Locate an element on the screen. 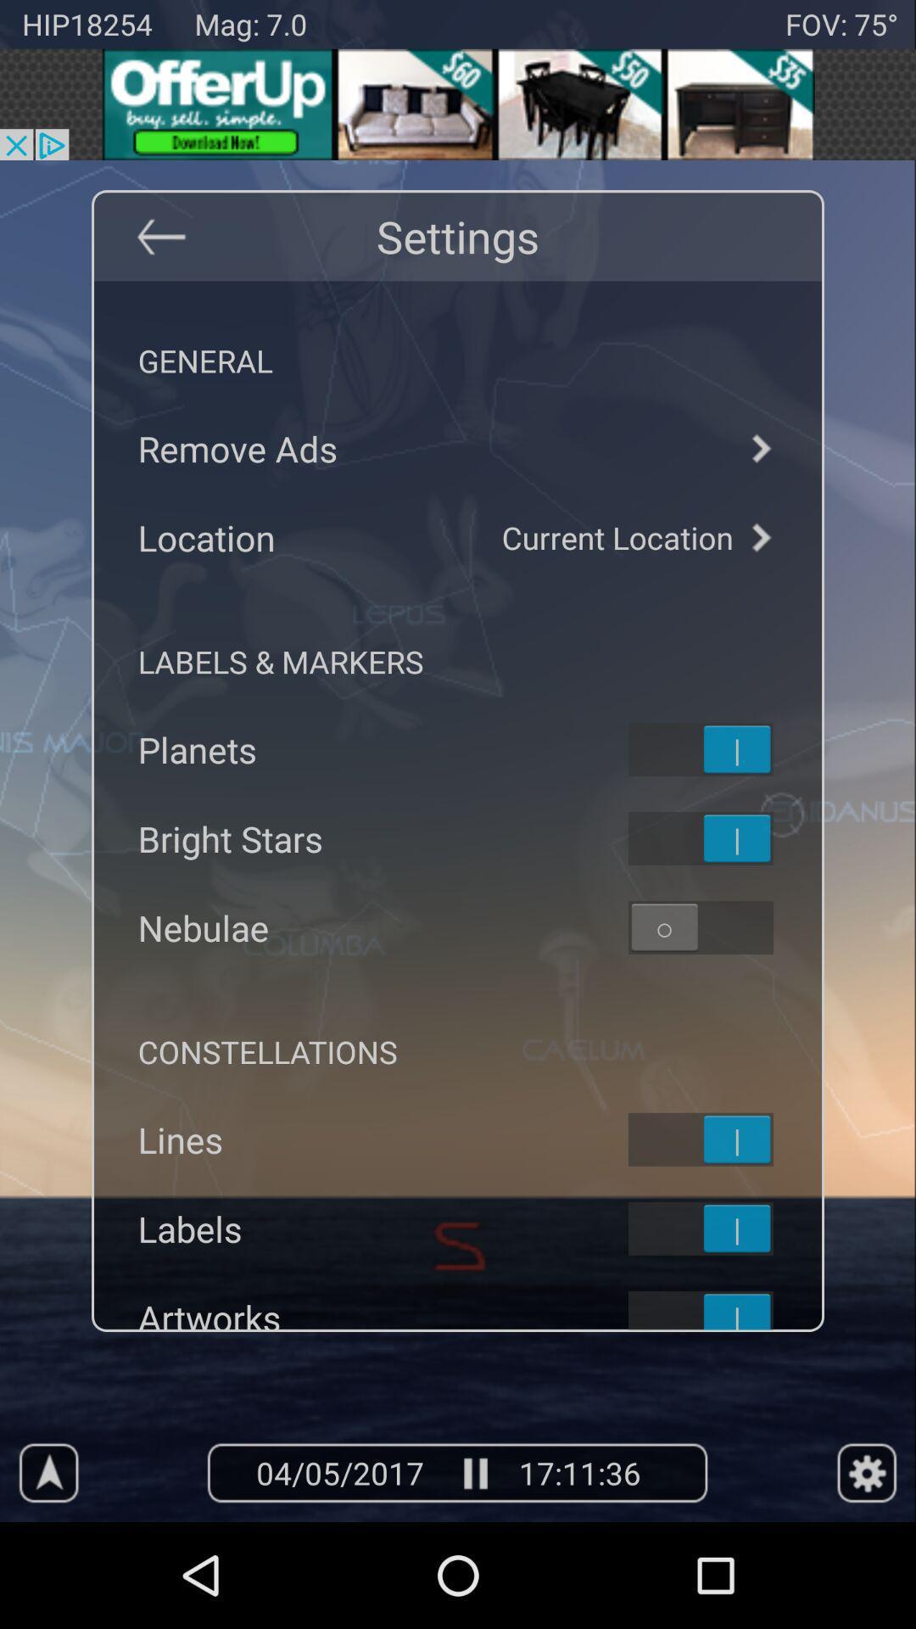 The image size is (916, 1629). turn on lines is located at coordinates (723, 1139).